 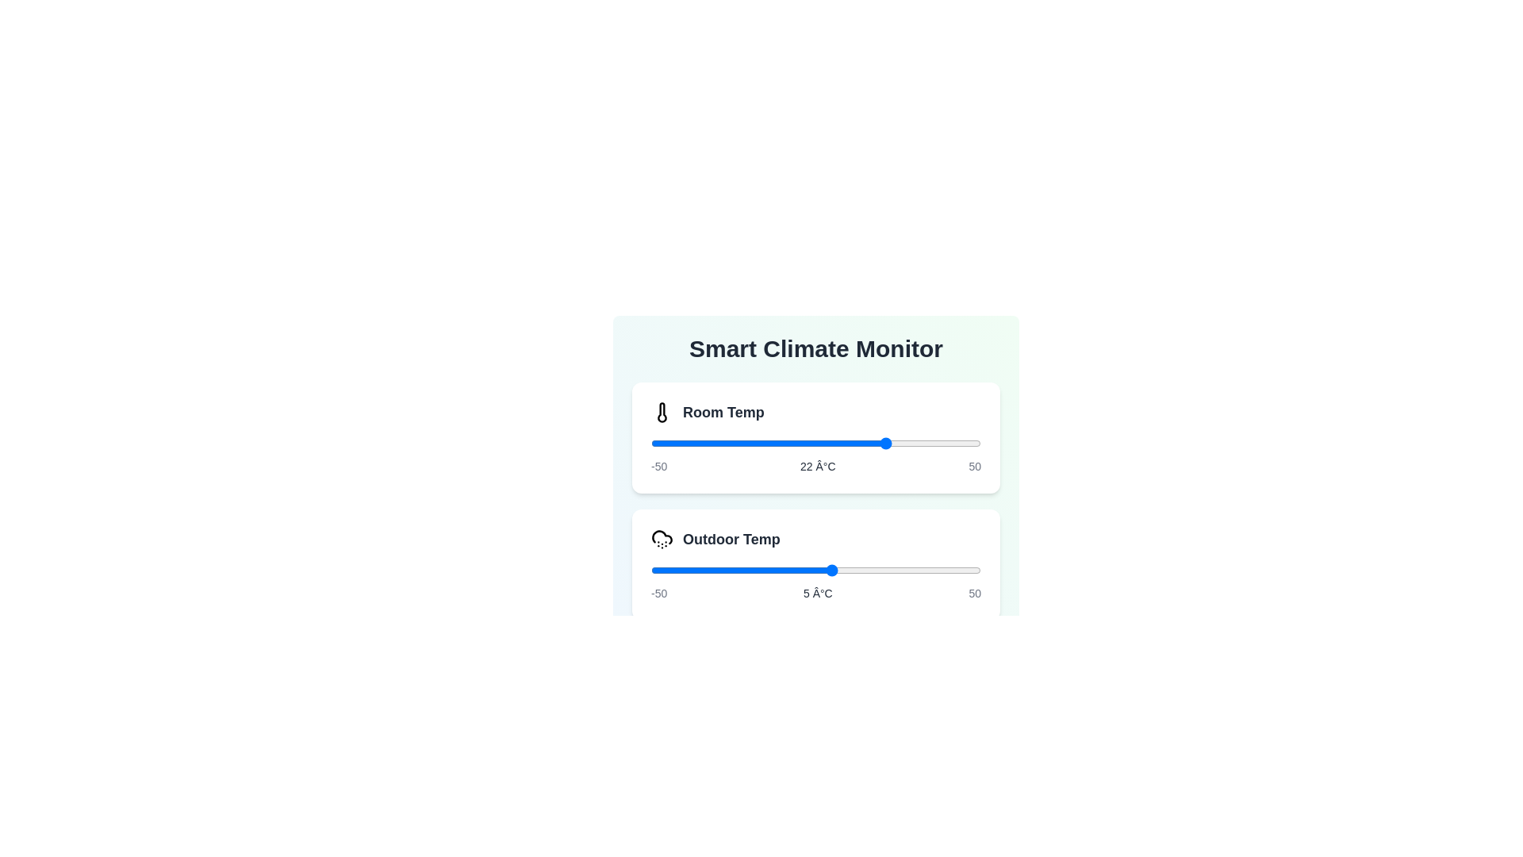 What do you see at coordinates (719, 569) in the screenshot?
I see `the slider for Outdoor Temp to set its value to -29°C` at bounding box center [719, 569].